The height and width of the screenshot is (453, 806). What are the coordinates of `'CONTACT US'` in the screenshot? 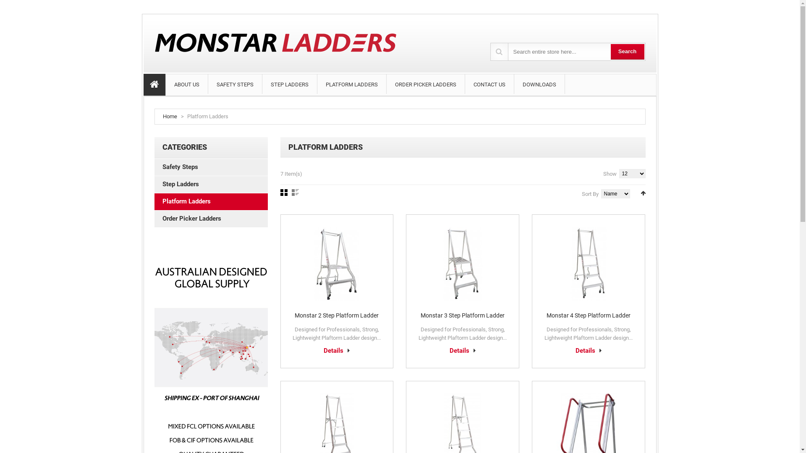 It's located at (489, 84).